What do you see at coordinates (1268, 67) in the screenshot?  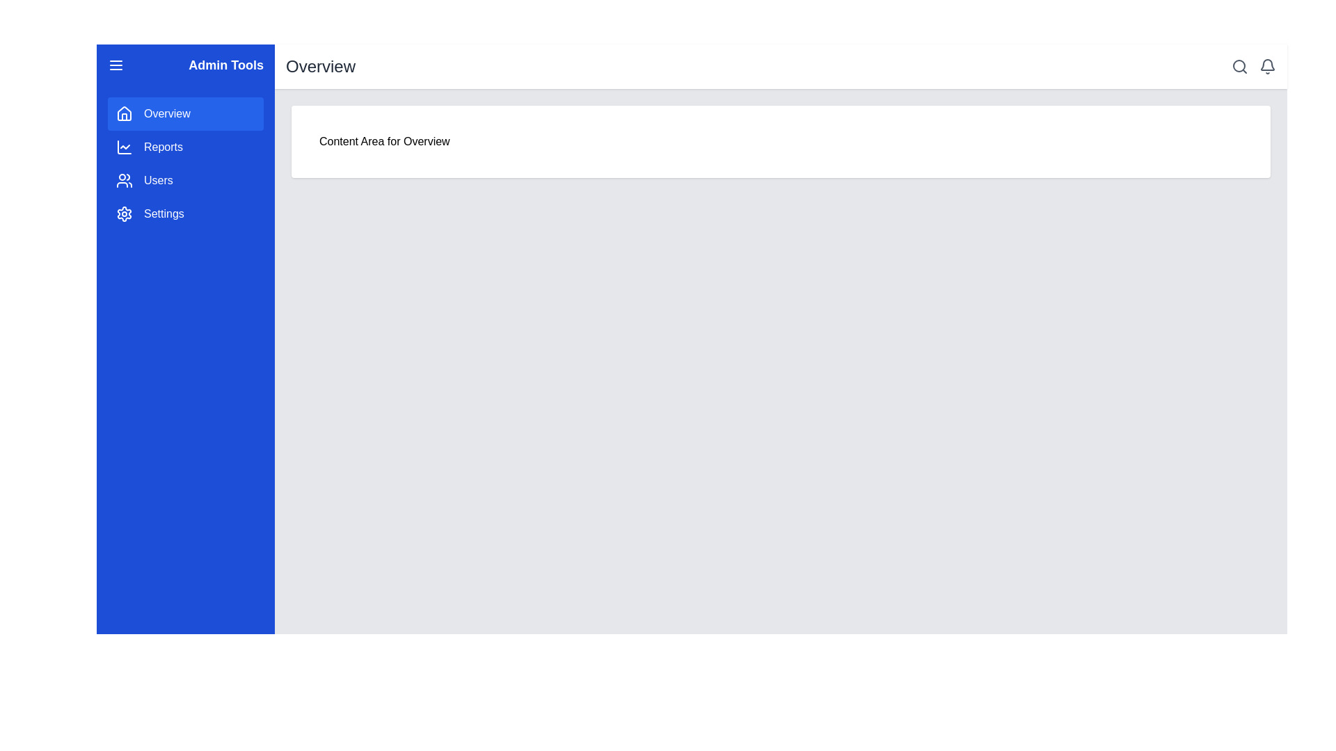 I see `the notification icon located in the top-right corner of the interface, next to the magnifying glass search icon` at bounding box center [1268, 67].